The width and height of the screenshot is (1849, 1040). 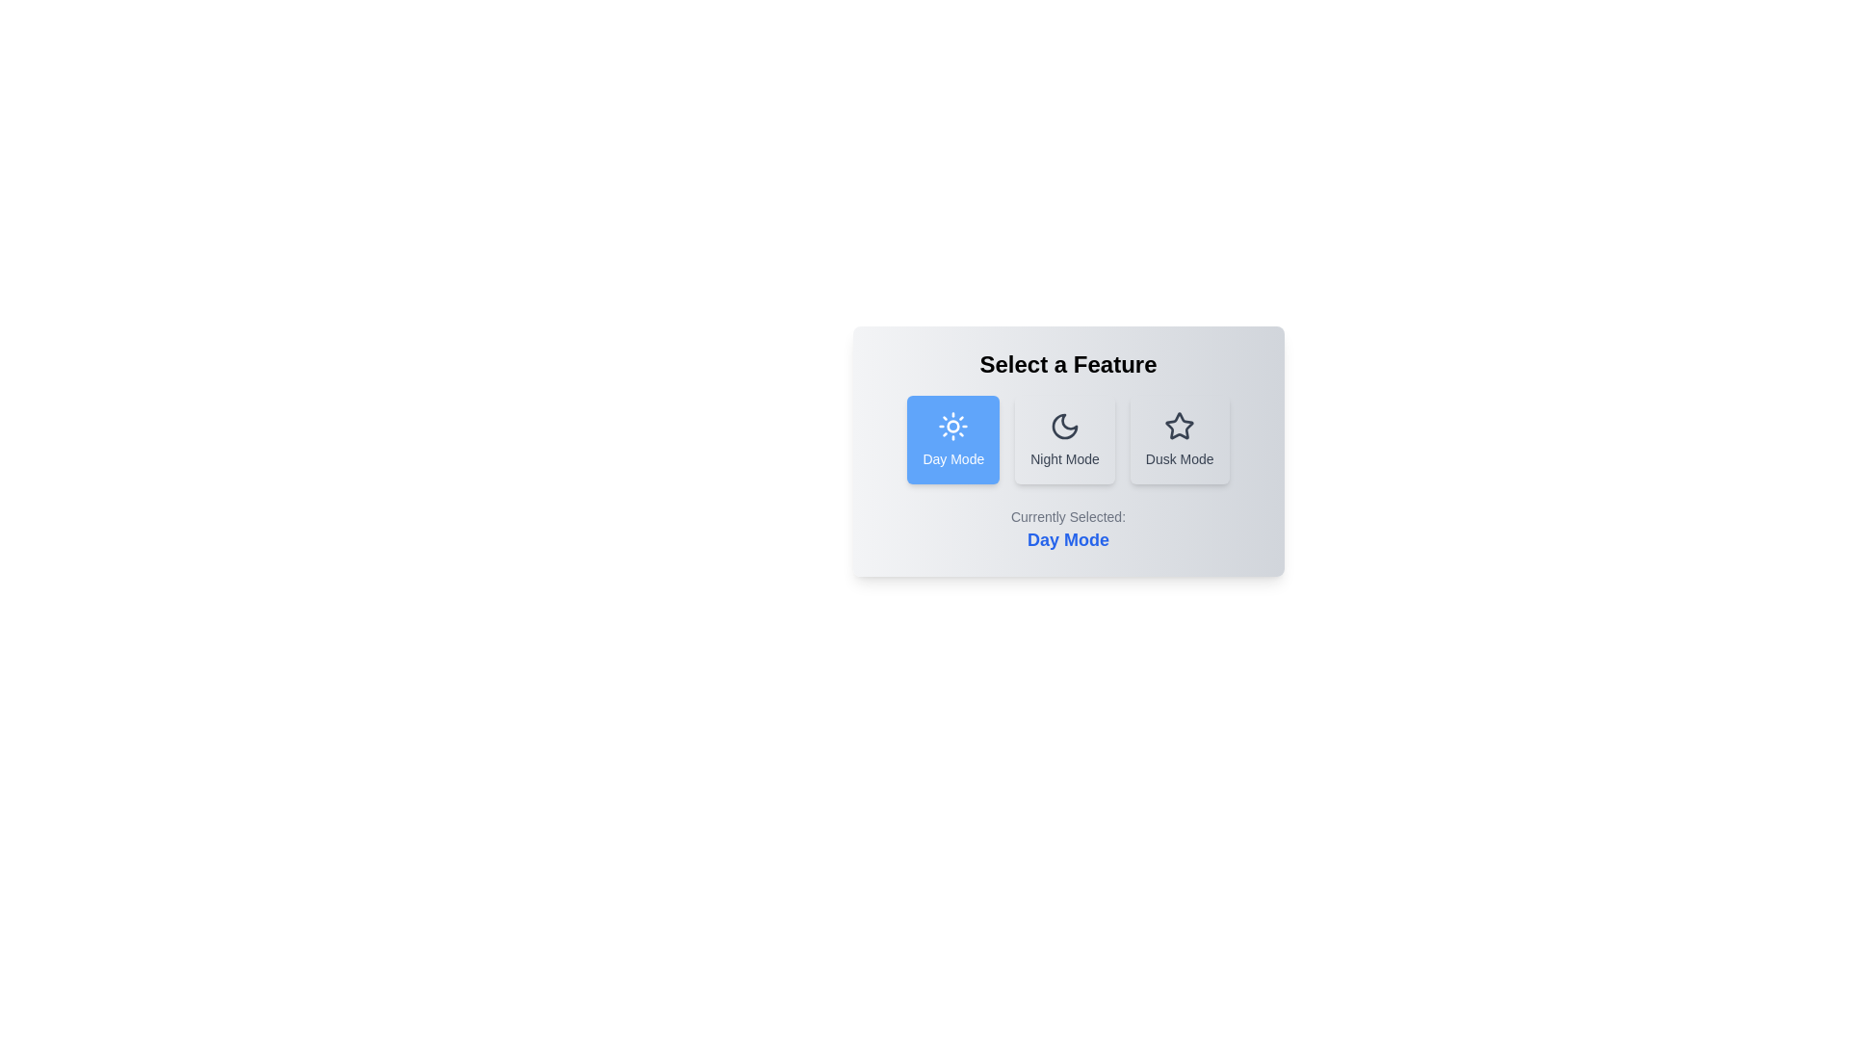 What do you see at coordinates (1067, 364) in the screenshot?
I see `the text element Select a Feature for inspection` at bounding box center [1067, 364].